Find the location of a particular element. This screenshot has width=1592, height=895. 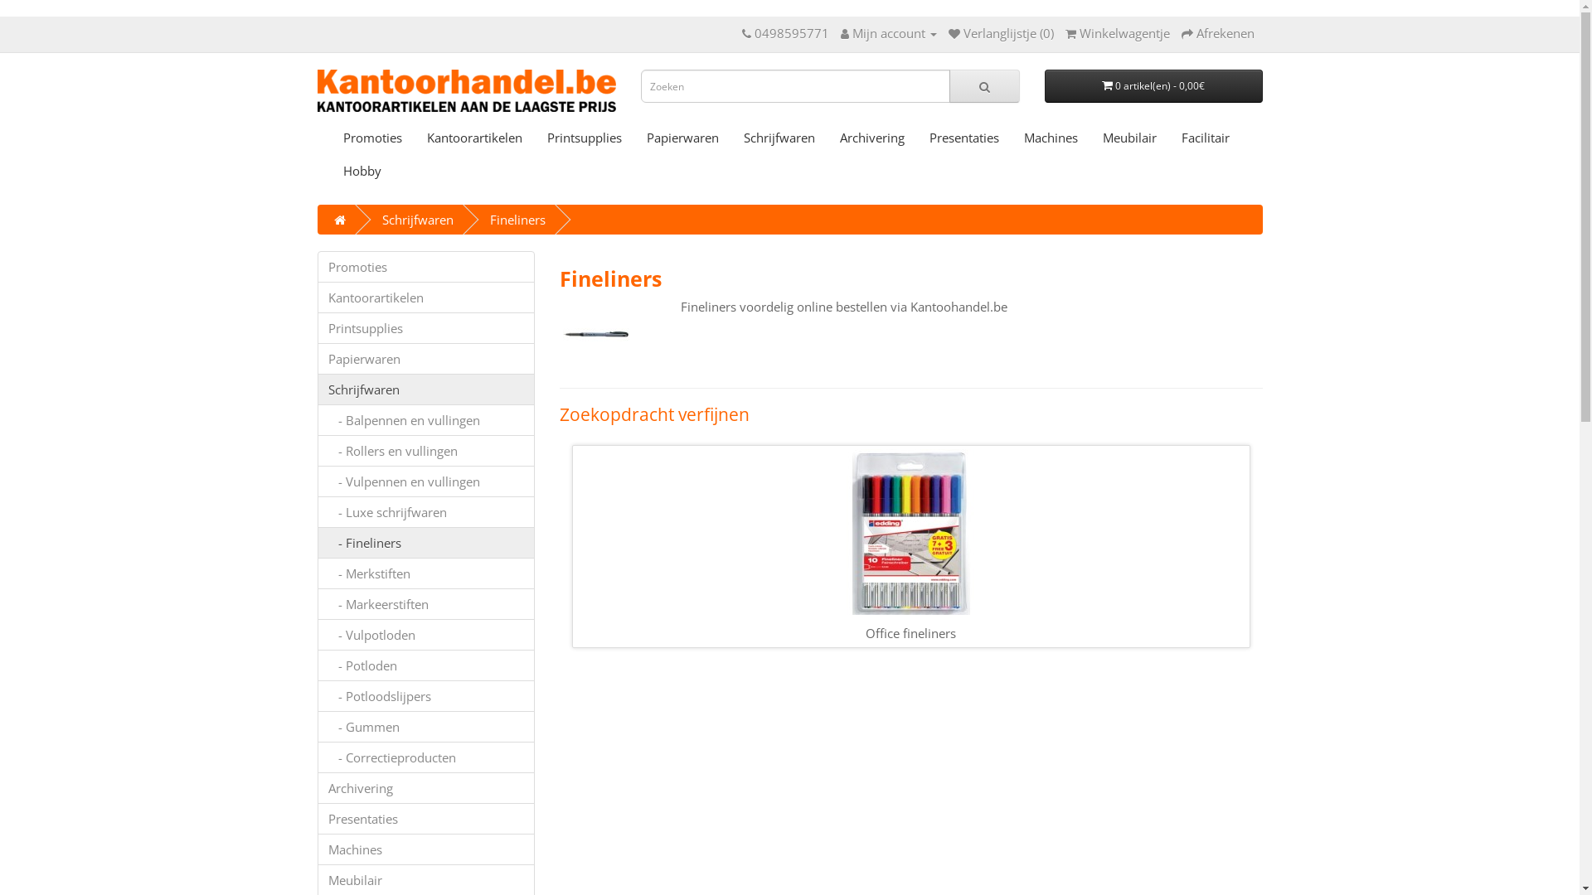

'   - Potloden' is located at coordinates (425, 664).